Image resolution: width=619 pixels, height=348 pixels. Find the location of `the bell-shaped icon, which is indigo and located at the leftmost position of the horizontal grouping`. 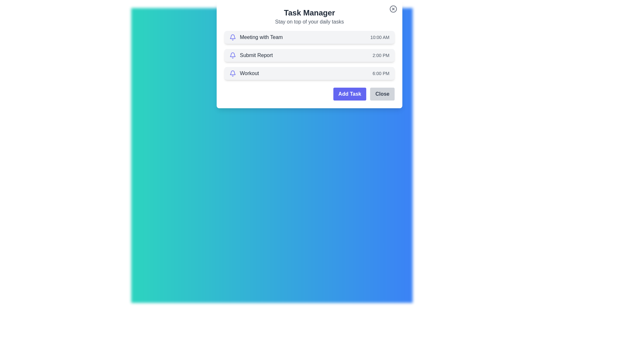

the bell-shaped icon, which is indigo and located at the leftmost position of the horizontal grouping is located at coordinates (232, 55).